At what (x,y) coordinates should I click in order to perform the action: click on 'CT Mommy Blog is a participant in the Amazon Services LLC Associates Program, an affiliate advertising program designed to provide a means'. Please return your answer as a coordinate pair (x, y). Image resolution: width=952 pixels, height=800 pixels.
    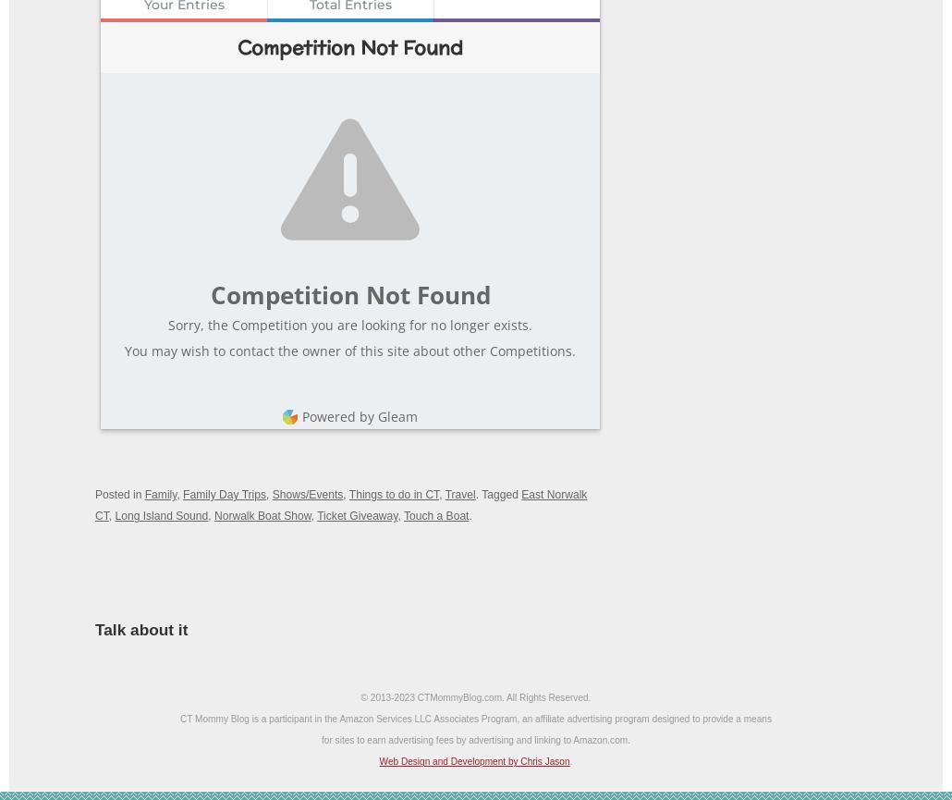
    Looking at the image, I should click on (474, 718).